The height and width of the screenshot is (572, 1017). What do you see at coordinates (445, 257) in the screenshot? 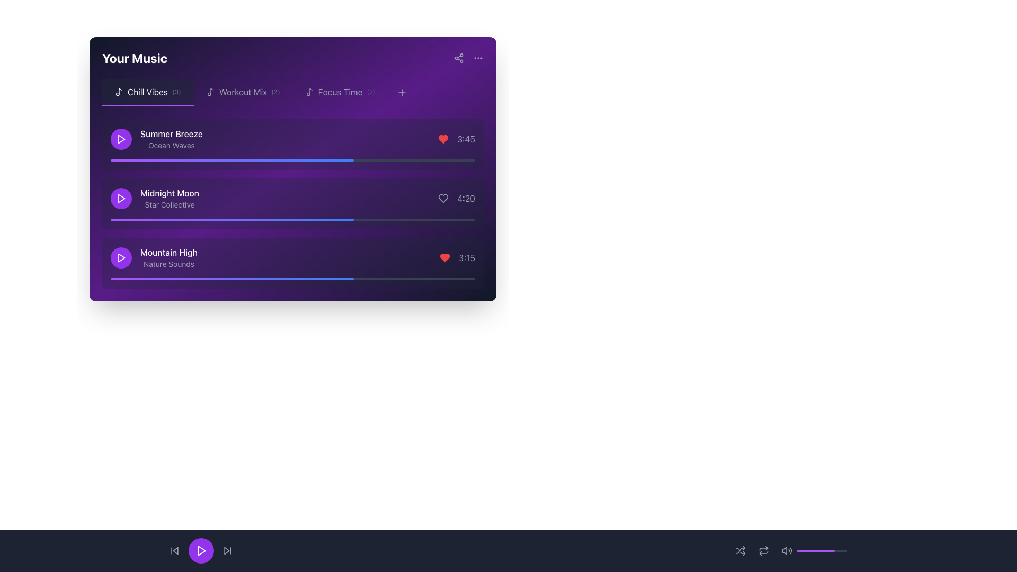
I see `the red heart icon button located in the lower-right corner of the music player interface` at bounding box center [445, 257].